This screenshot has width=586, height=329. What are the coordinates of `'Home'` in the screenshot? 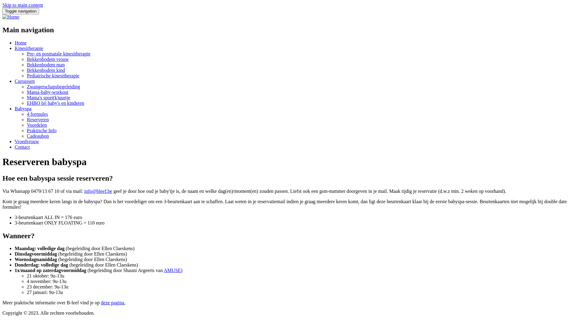 It's located at (20, 42).